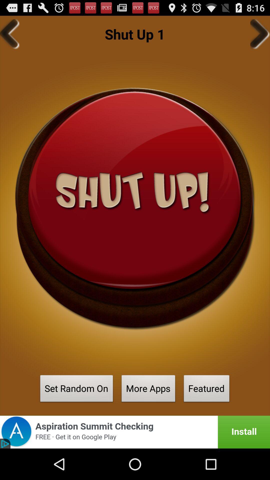 Image resolution: width=270 pixels, height=480 pixels. I want to click on icon to the right of the shut up 1 app, so click(260, 34).